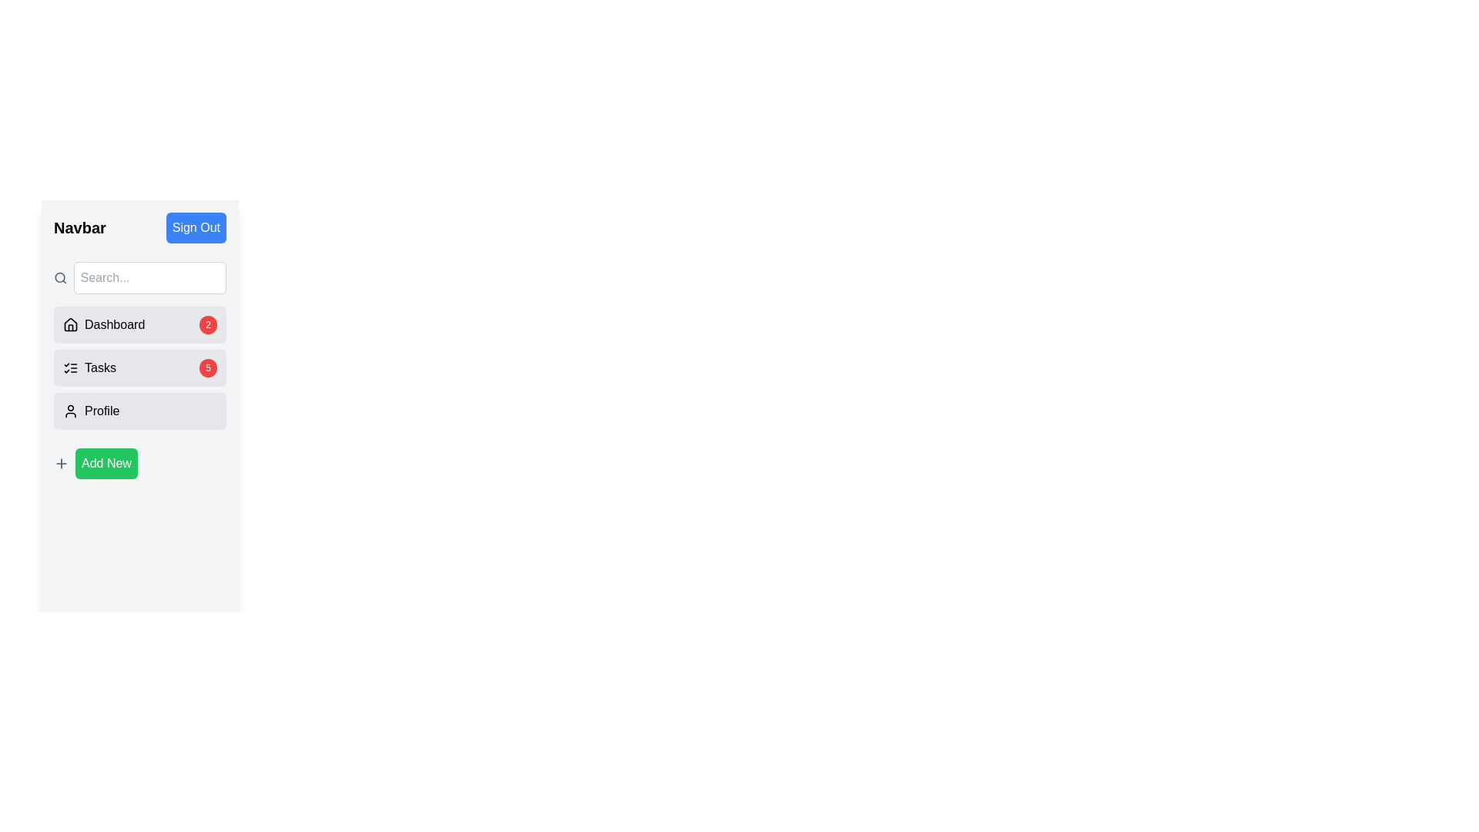  What do you see at coordinates (59, 276) in the screenshot?
I see `the circular component of the magnifying glass icon located in the top-left section of the sidebar under the 'Navbar' label` at bounding box center [59, 276].